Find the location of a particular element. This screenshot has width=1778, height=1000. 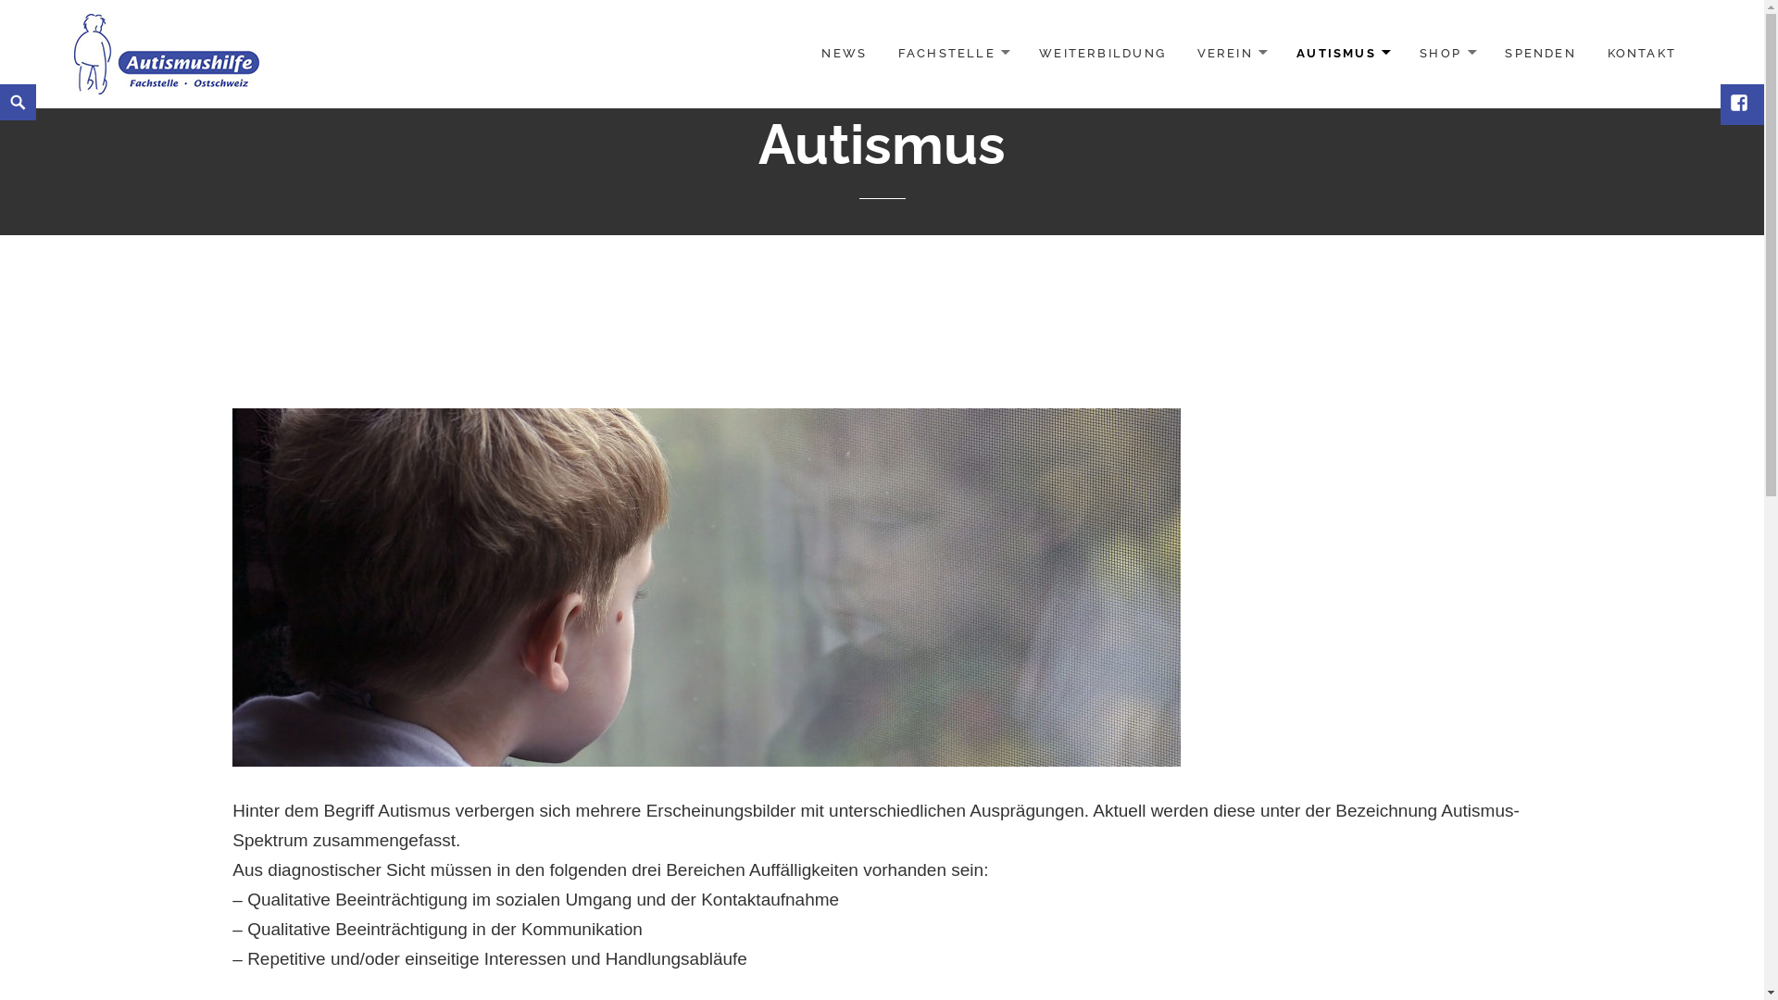

'SHOP' is located at coordinates (1446, 53).